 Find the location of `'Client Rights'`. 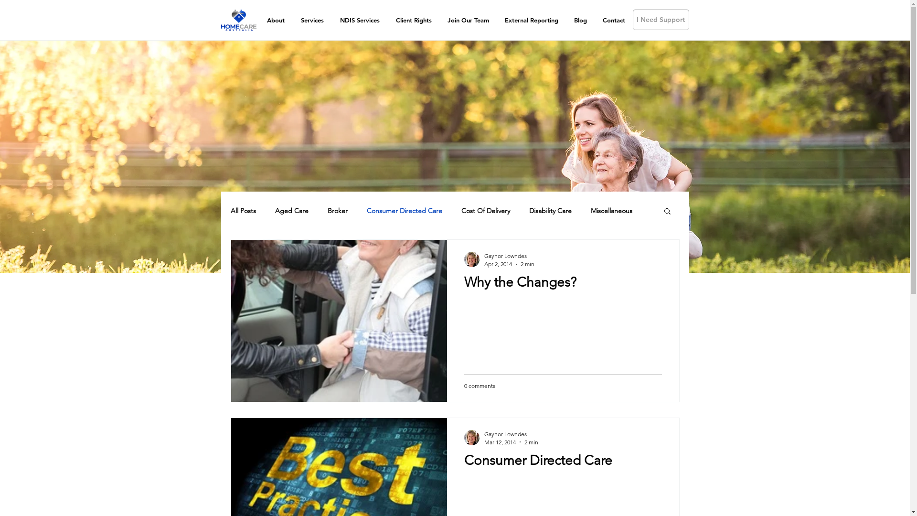

'Client Rights' is located at coordinates (387, 20).